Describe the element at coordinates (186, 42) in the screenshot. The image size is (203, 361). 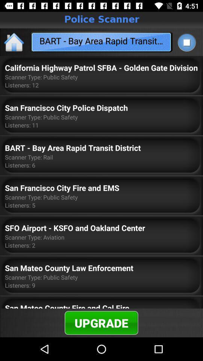
I see `stop current frequency` at that location.